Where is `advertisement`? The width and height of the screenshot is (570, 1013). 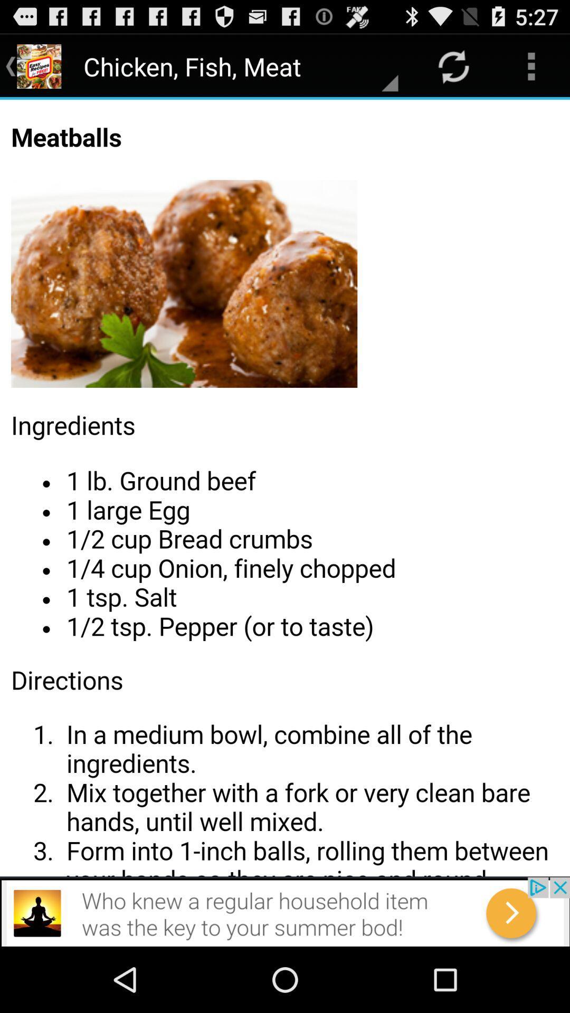 advertisement is located at coordinates (285, 911).